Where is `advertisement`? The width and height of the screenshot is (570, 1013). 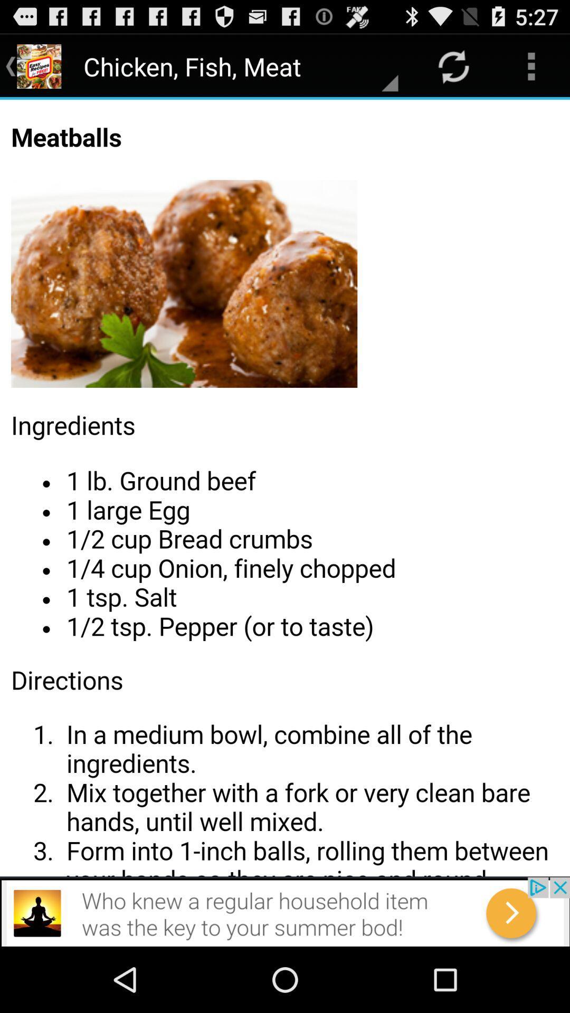 advertisement is located at coordinates (285, 911).